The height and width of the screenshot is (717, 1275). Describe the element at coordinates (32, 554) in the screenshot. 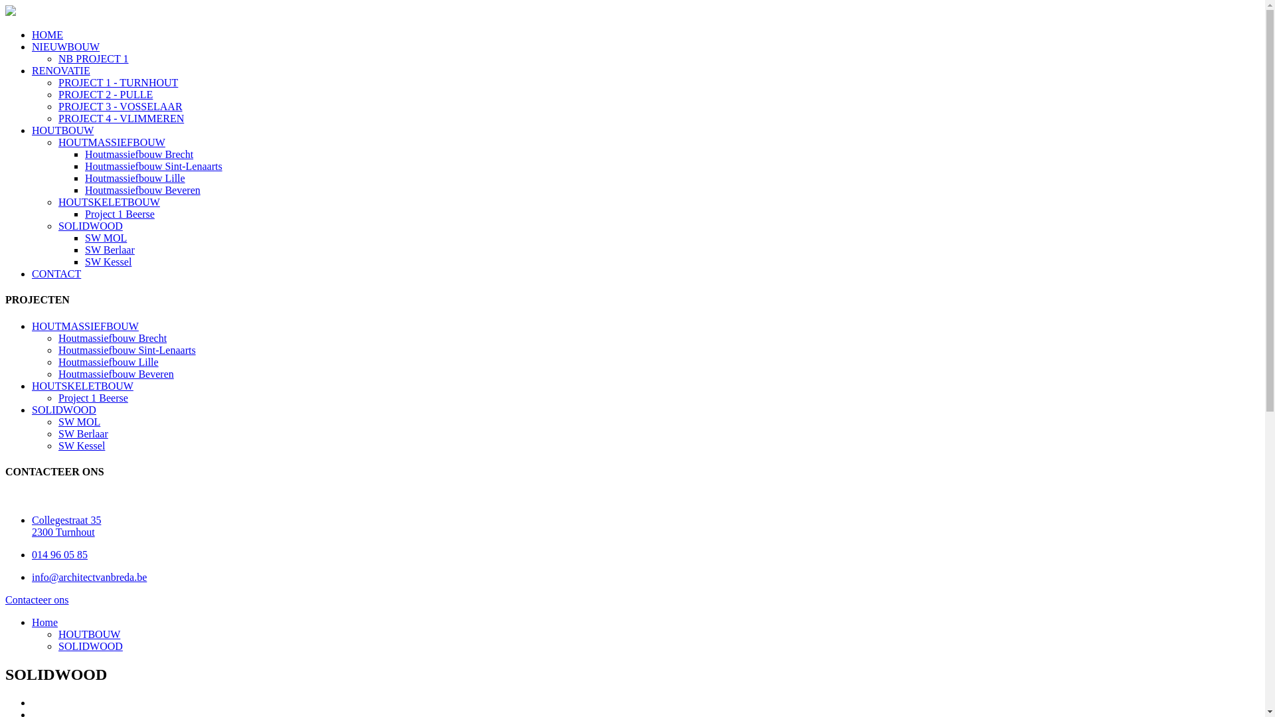

I see `'014 96 05 85'` at that location.